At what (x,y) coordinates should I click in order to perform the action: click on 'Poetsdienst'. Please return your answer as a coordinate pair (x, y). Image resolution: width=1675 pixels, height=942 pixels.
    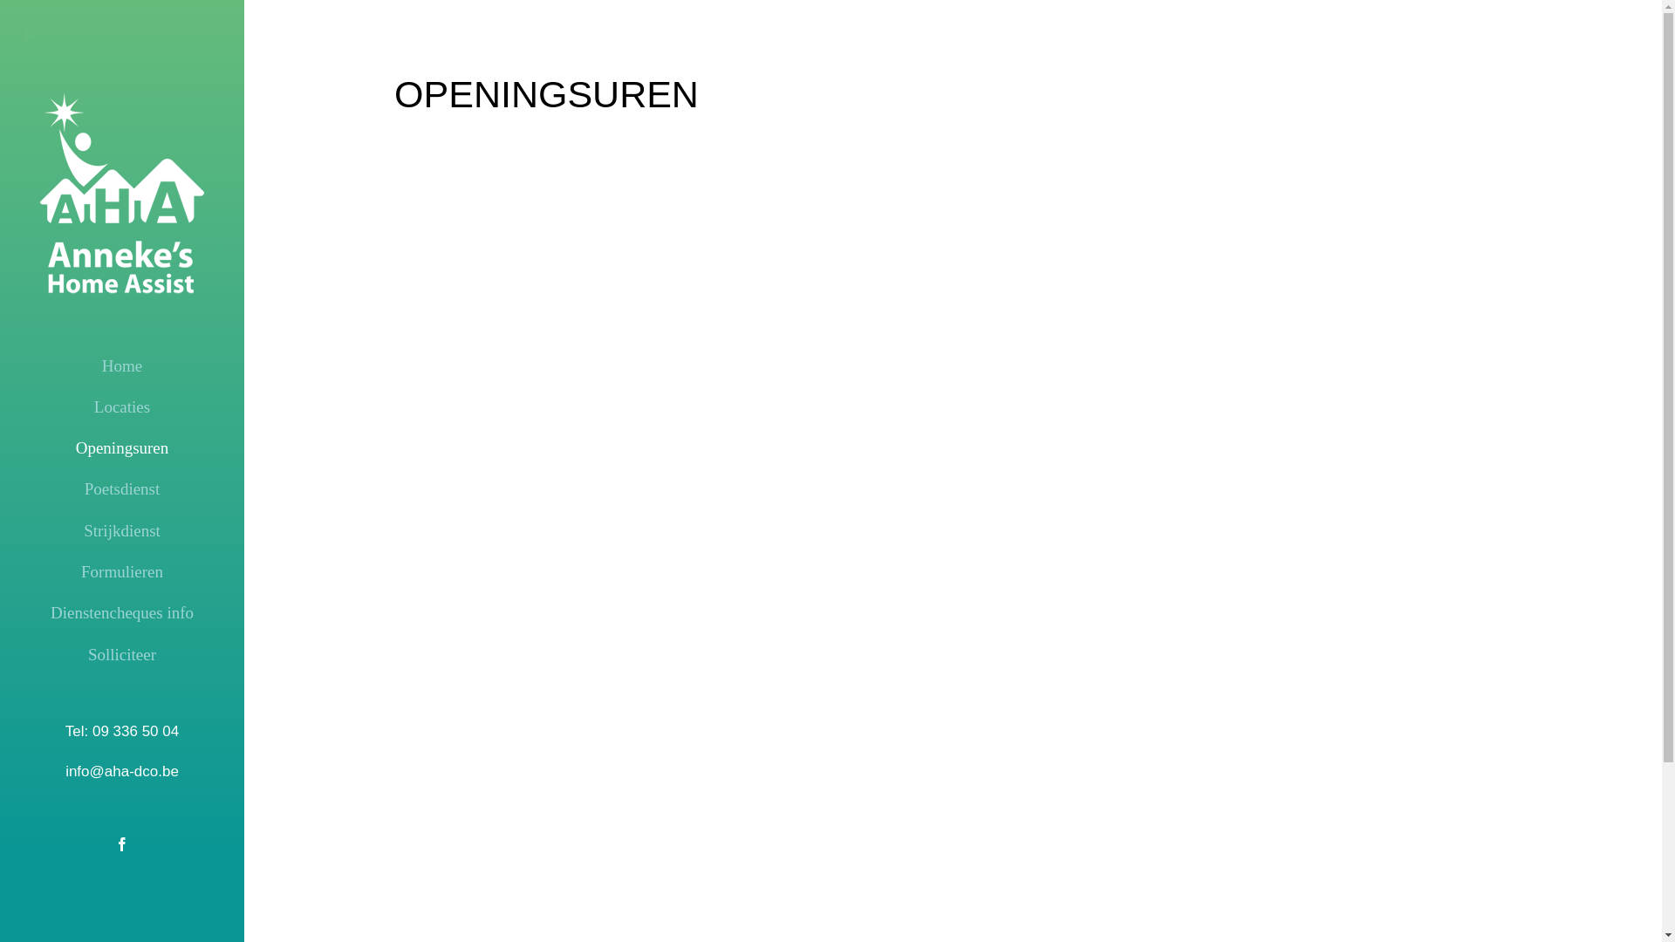
    Looking at the image, I should click on (24, 488).